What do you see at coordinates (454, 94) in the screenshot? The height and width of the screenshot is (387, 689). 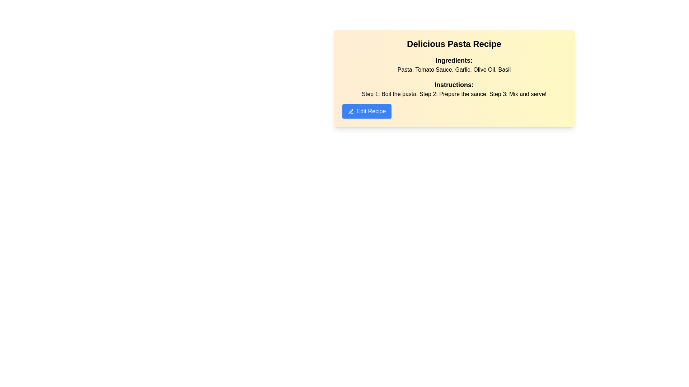 I see `instructions listed in the static text element that contains sequential cooking steps, positioned below the 'Instructions:' label` at bounding box center [454, 94].